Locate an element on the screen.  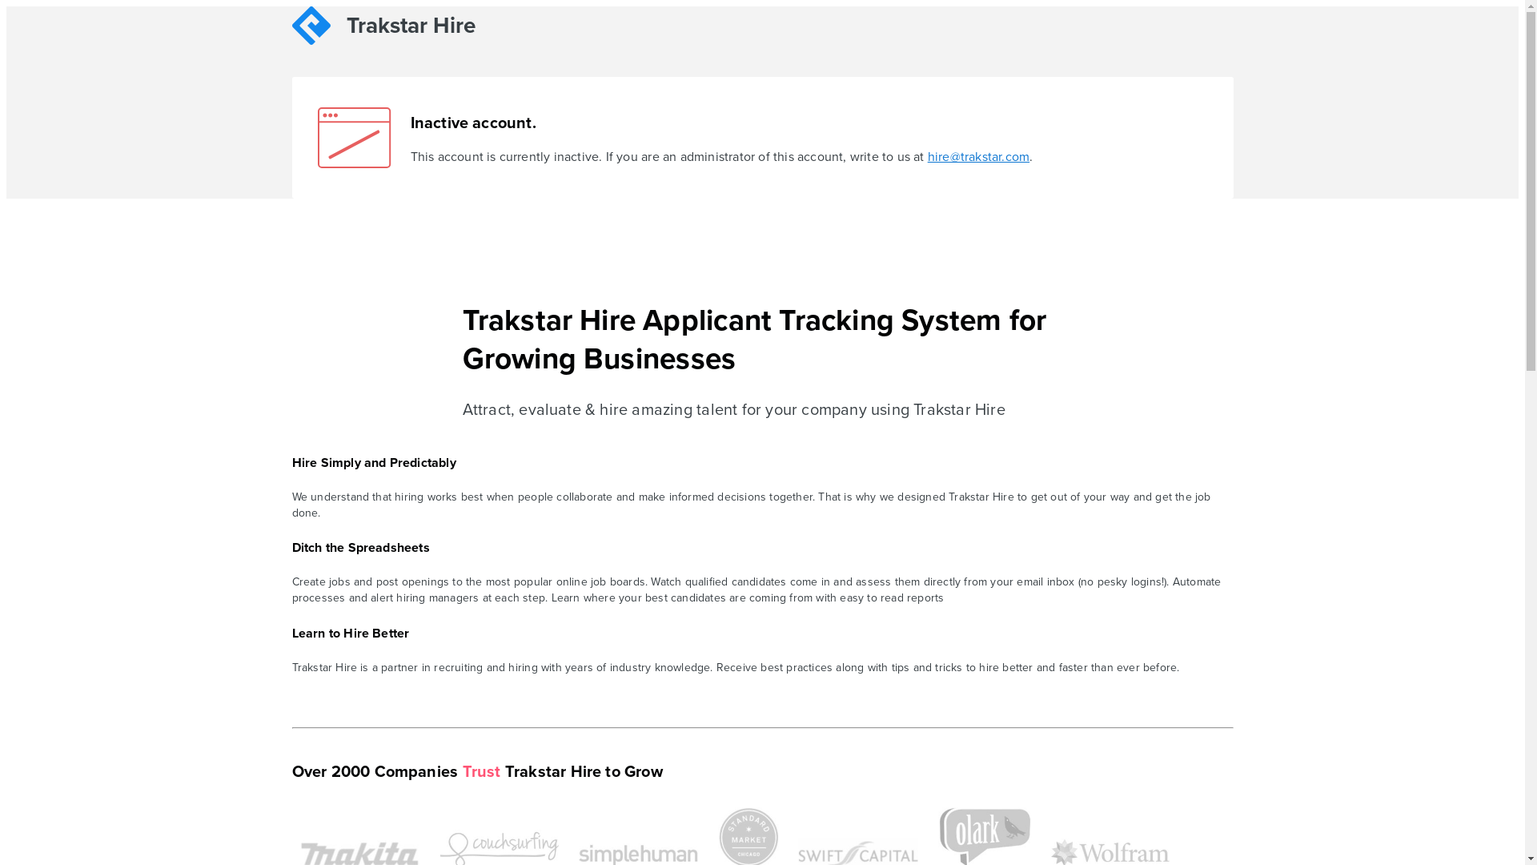
'Trakstar Hire: Recruitment Software, Applicant Tracking' is located at coordinates (291, 25).